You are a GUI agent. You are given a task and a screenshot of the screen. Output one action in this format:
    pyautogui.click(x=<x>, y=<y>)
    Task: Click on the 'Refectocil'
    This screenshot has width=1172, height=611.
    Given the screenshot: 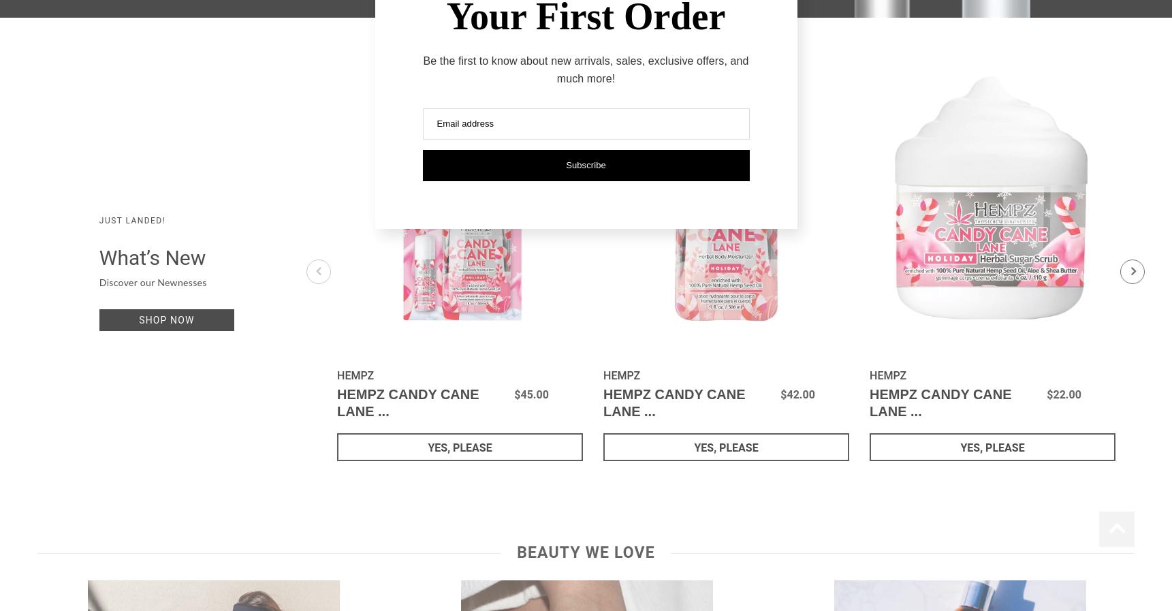 What is the action you would take?
    pyautogui.click(x=523, y=31)
    